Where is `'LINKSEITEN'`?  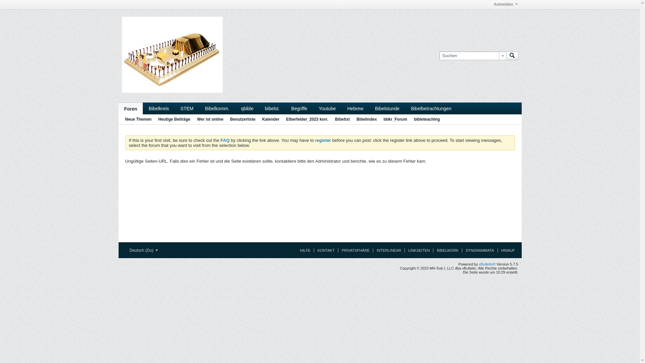 'LINKSEITEN' is located at coordinates (417, 250).